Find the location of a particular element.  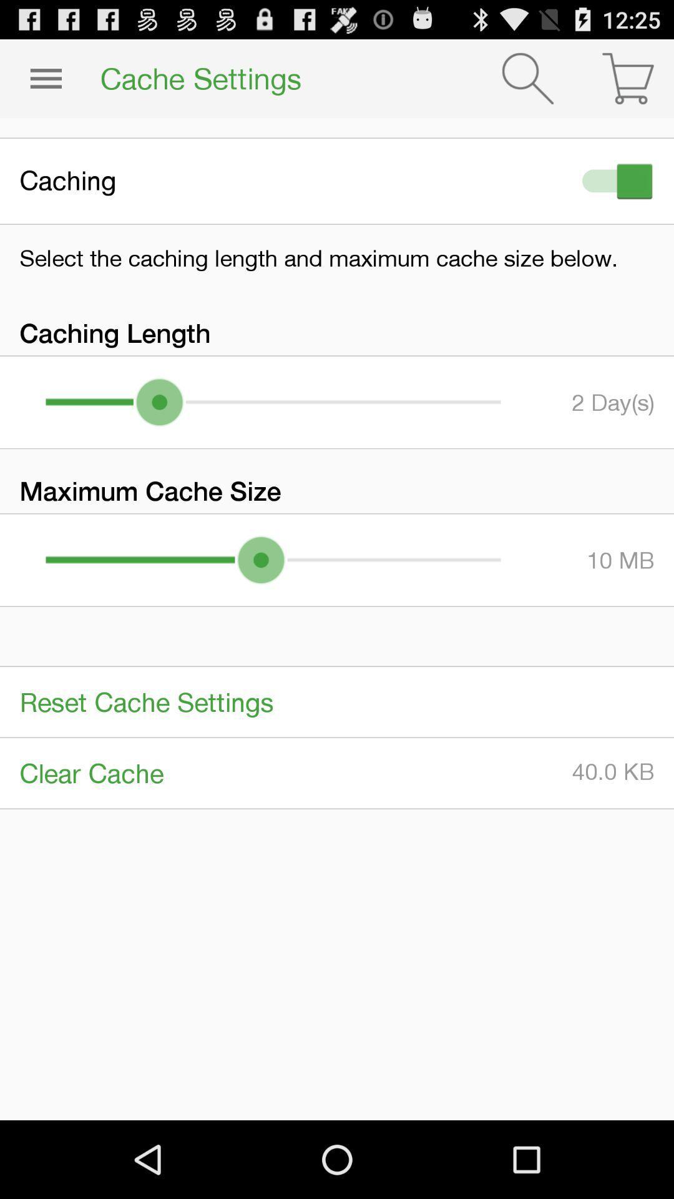

more options button is located at coordinates (45, 77).